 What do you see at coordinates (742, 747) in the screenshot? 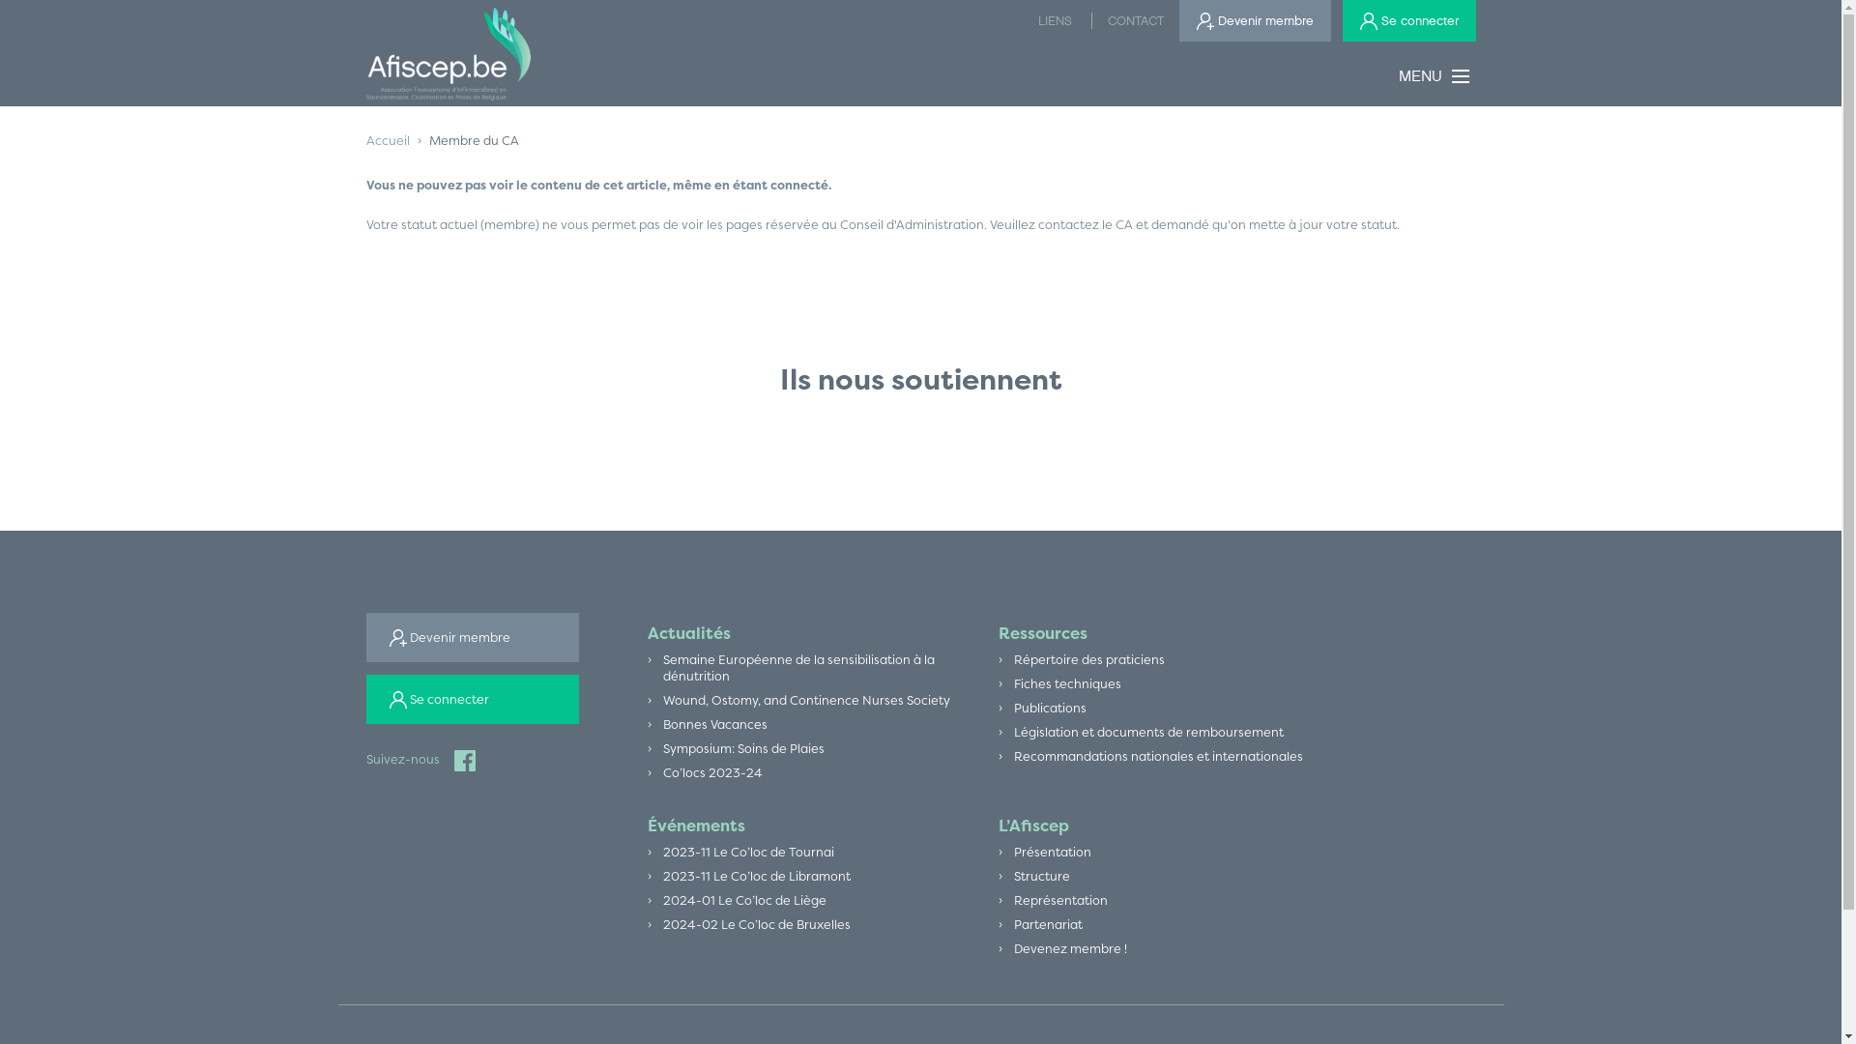
I see `'Symposium: Soins de Plaies'` at bounding box center [742, 747].